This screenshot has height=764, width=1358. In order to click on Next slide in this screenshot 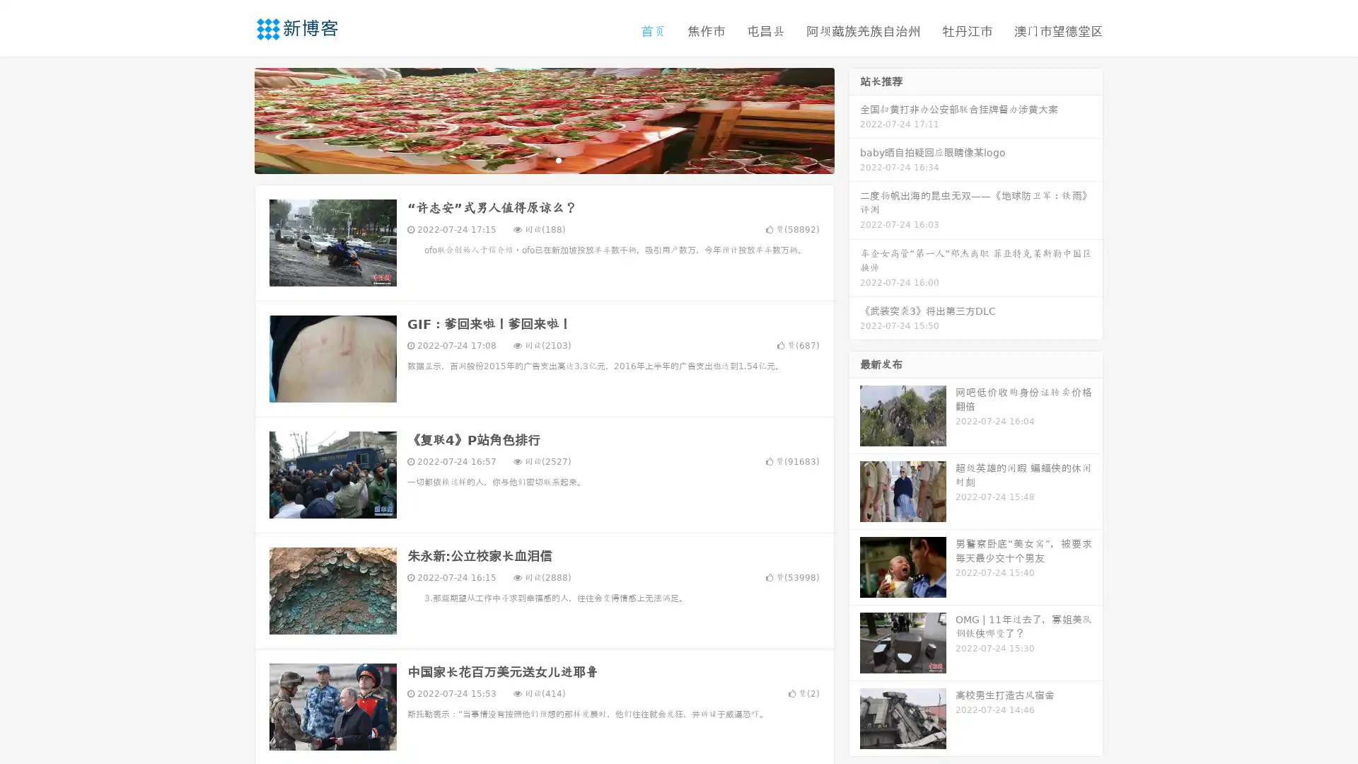, I will do `click(854, 119)`.